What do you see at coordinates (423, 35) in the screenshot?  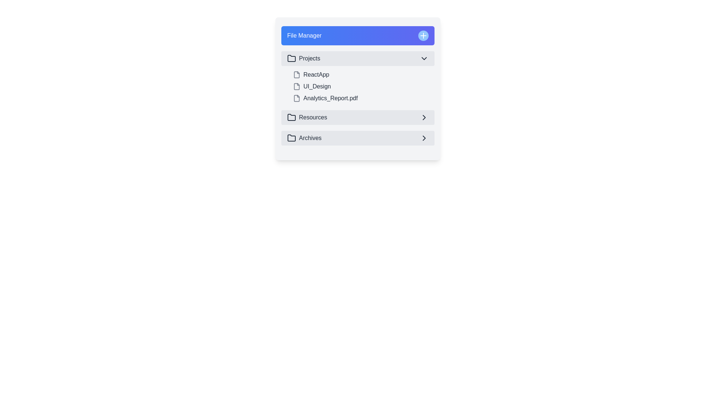 I see `the circular button with a blue background and '+' icon located at the top-right corner of the 'File Manager' header bar` at bounding box center [423, 35].